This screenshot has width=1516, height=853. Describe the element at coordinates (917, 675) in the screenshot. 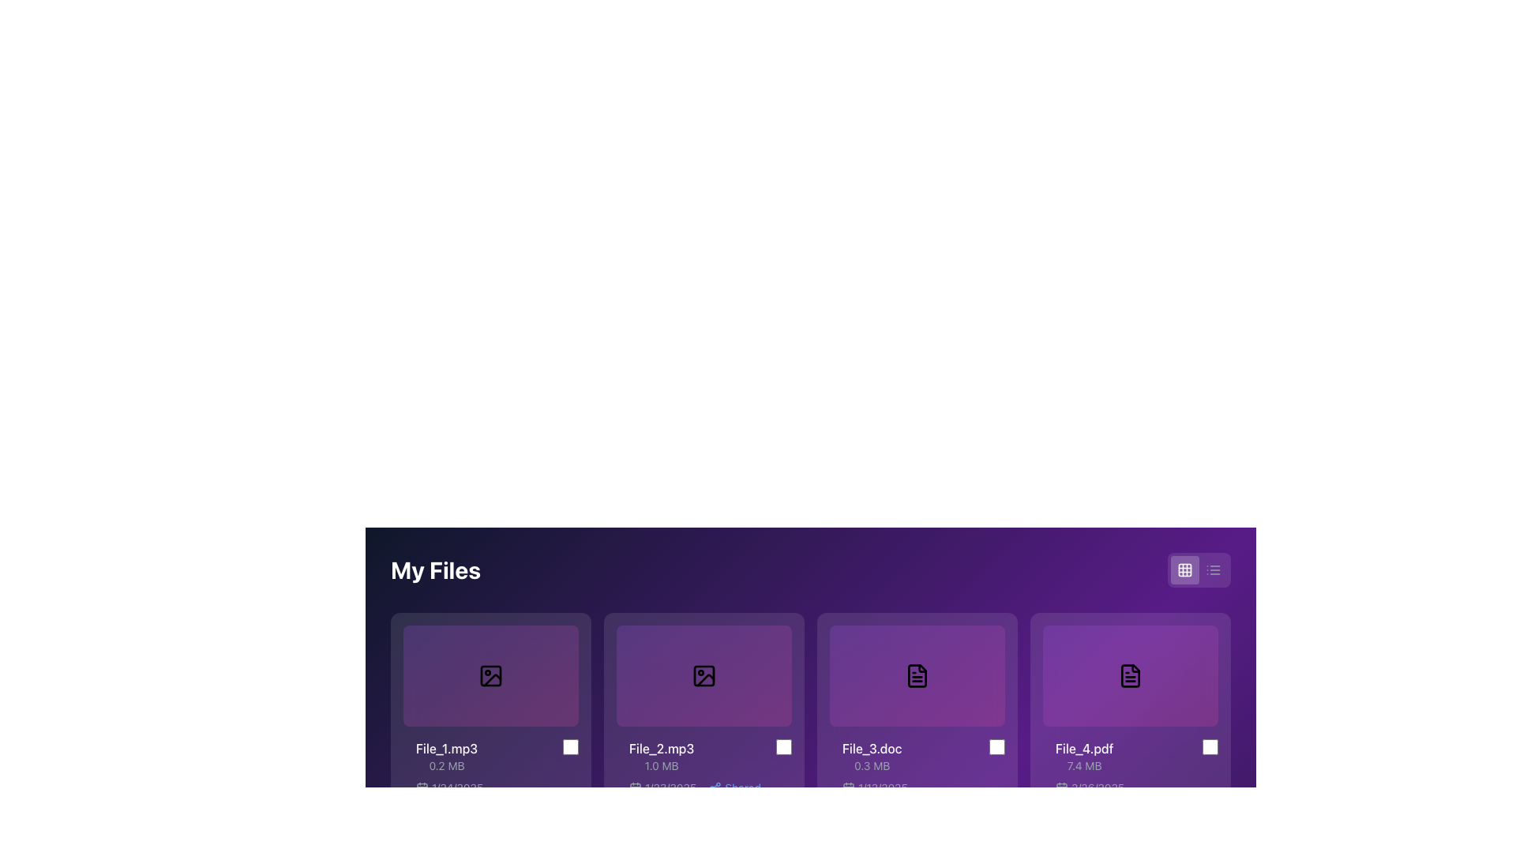

I see `the document file icon located above the label 'File_3.doc', which is the second graphical icon in the third card from the left in a grid layout` at that location.